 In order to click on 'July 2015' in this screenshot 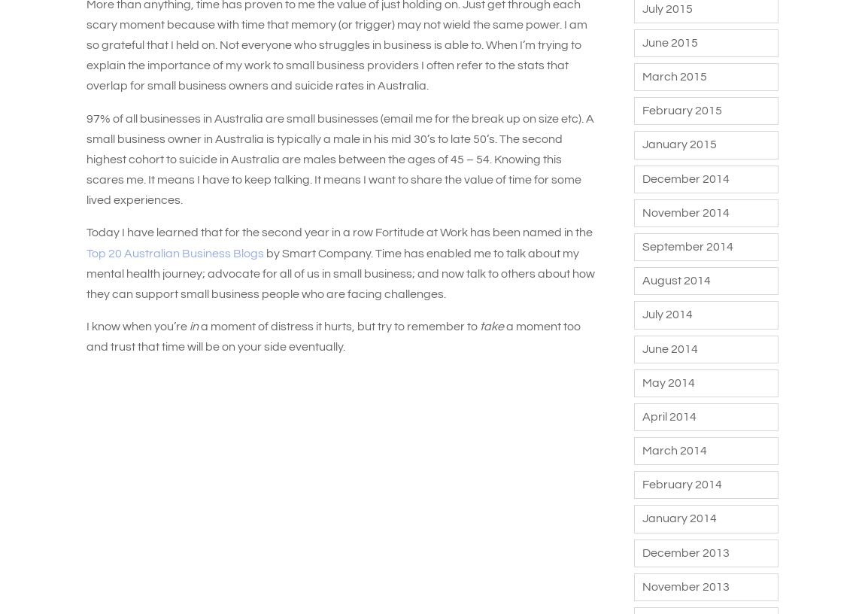, I will do `click(666, 8)`.